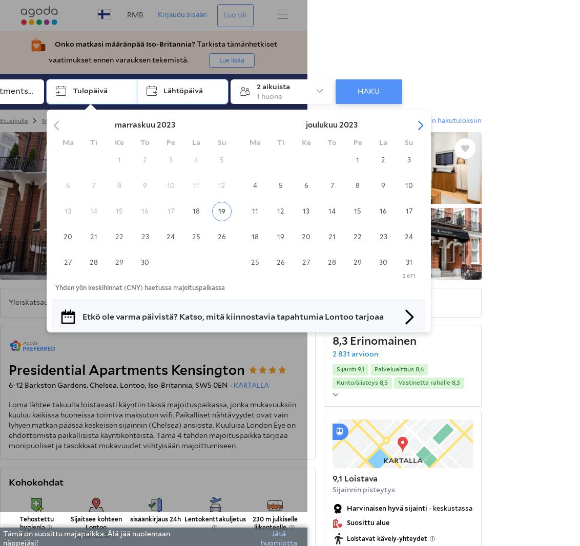 The width and height of the screenshot is (580, 546). What do you see at coordinates (273, 86) in the screenshot?
I see `'2 aikuista'` at bounding box center [273, 86].